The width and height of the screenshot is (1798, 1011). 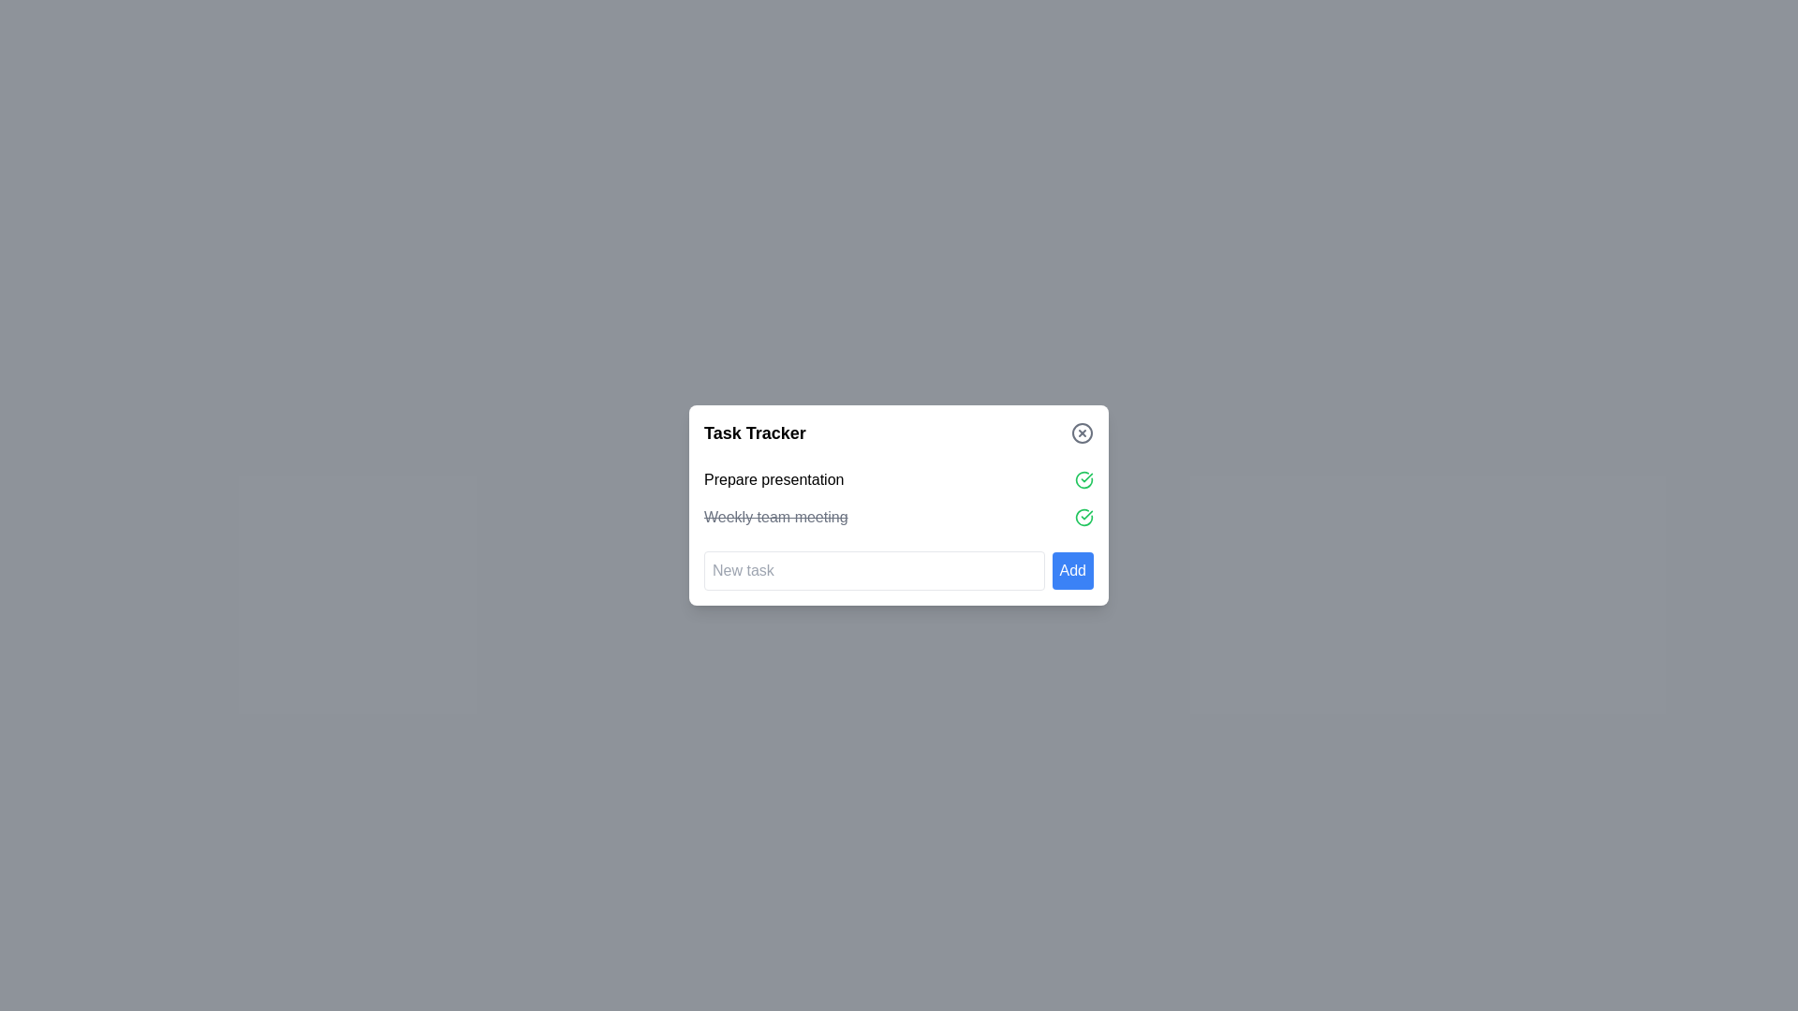 What do you see at coordinates (774, 479) in the screenshot?
I see `the first task item in the to-do list within the 'Task Tracker' interface` at bounding box center [774, 479].